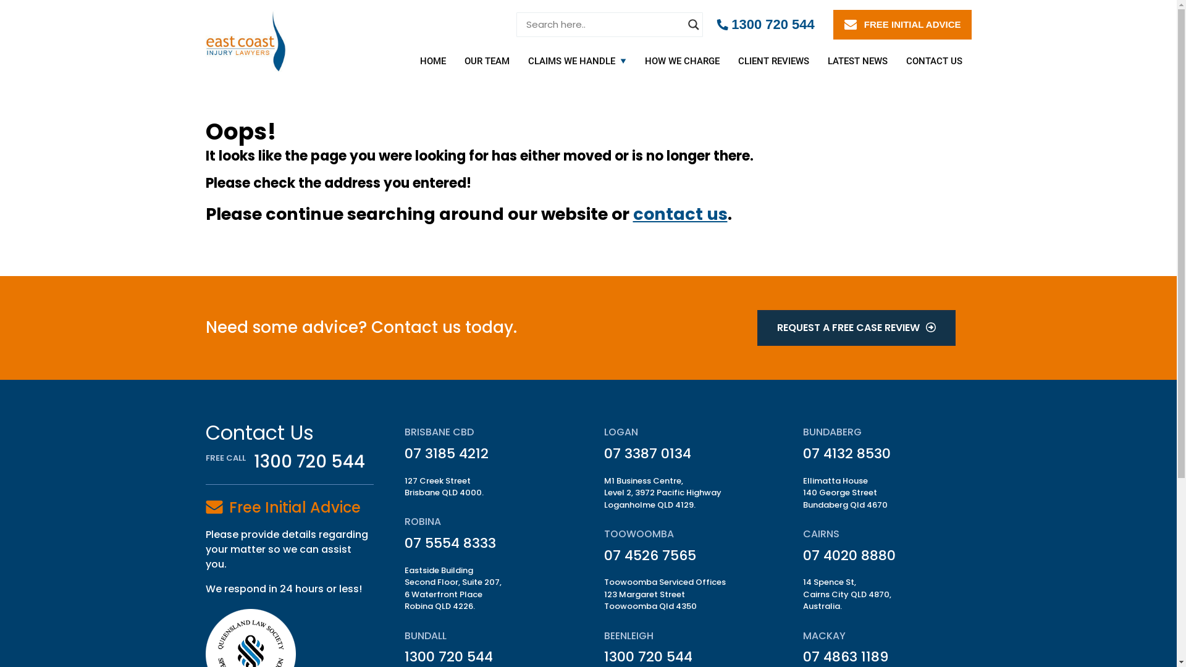  What do you see at coordinates (634, 61) in the screenshot?
I see `'HOW WE CHARGE'` at bounding box center [634, 61].